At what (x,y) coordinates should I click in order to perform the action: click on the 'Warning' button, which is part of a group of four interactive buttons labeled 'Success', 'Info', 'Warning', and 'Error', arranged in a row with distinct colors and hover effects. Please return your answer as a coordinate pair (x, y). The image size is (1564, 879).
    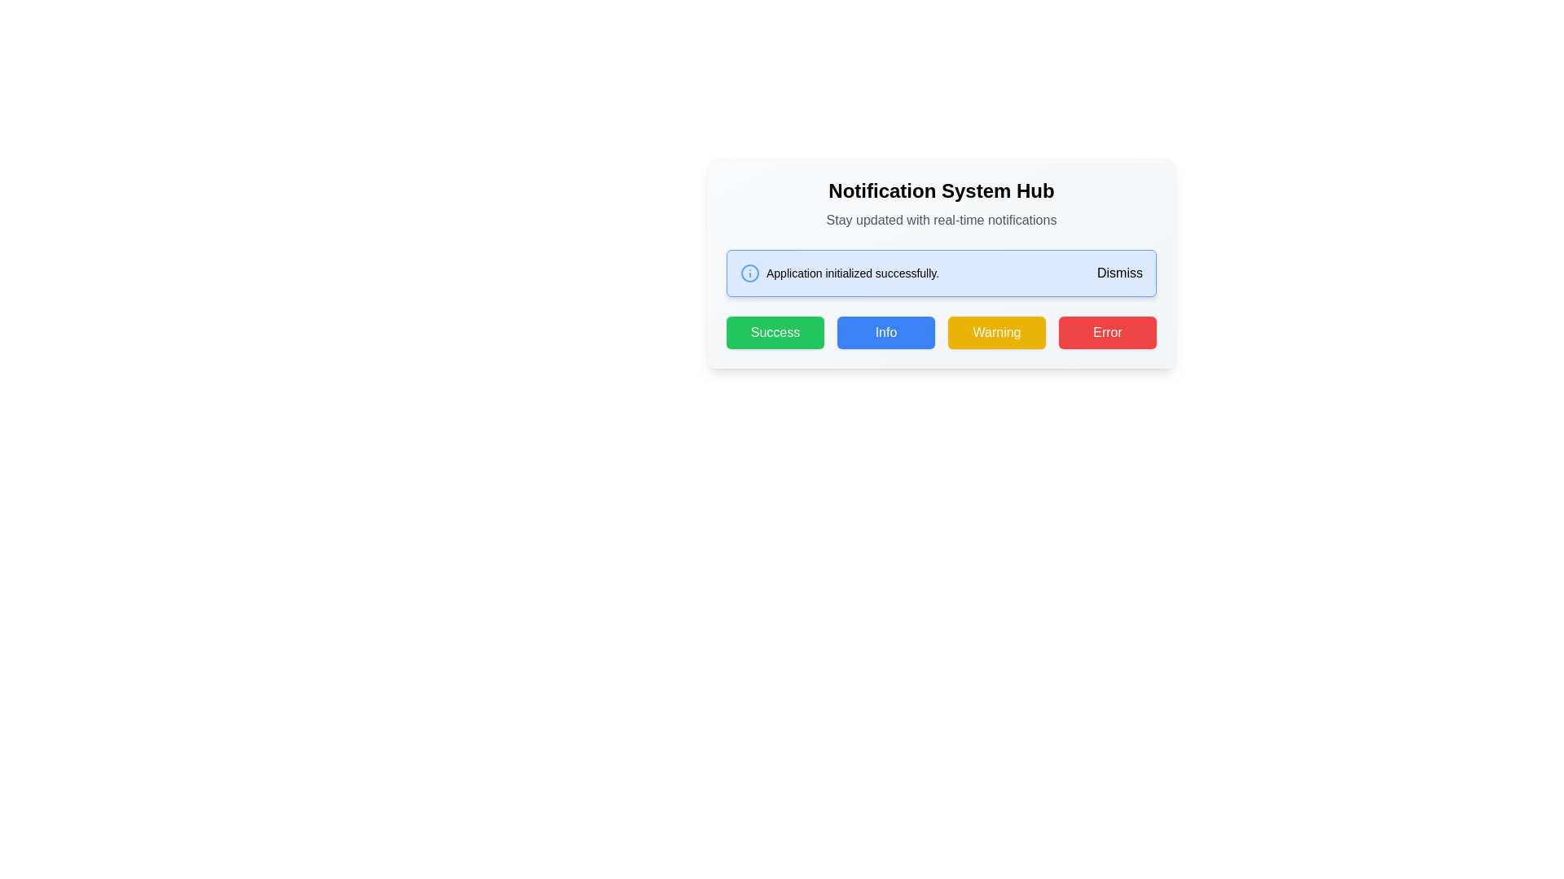
    Looking at the image, I should click on (942, 331).